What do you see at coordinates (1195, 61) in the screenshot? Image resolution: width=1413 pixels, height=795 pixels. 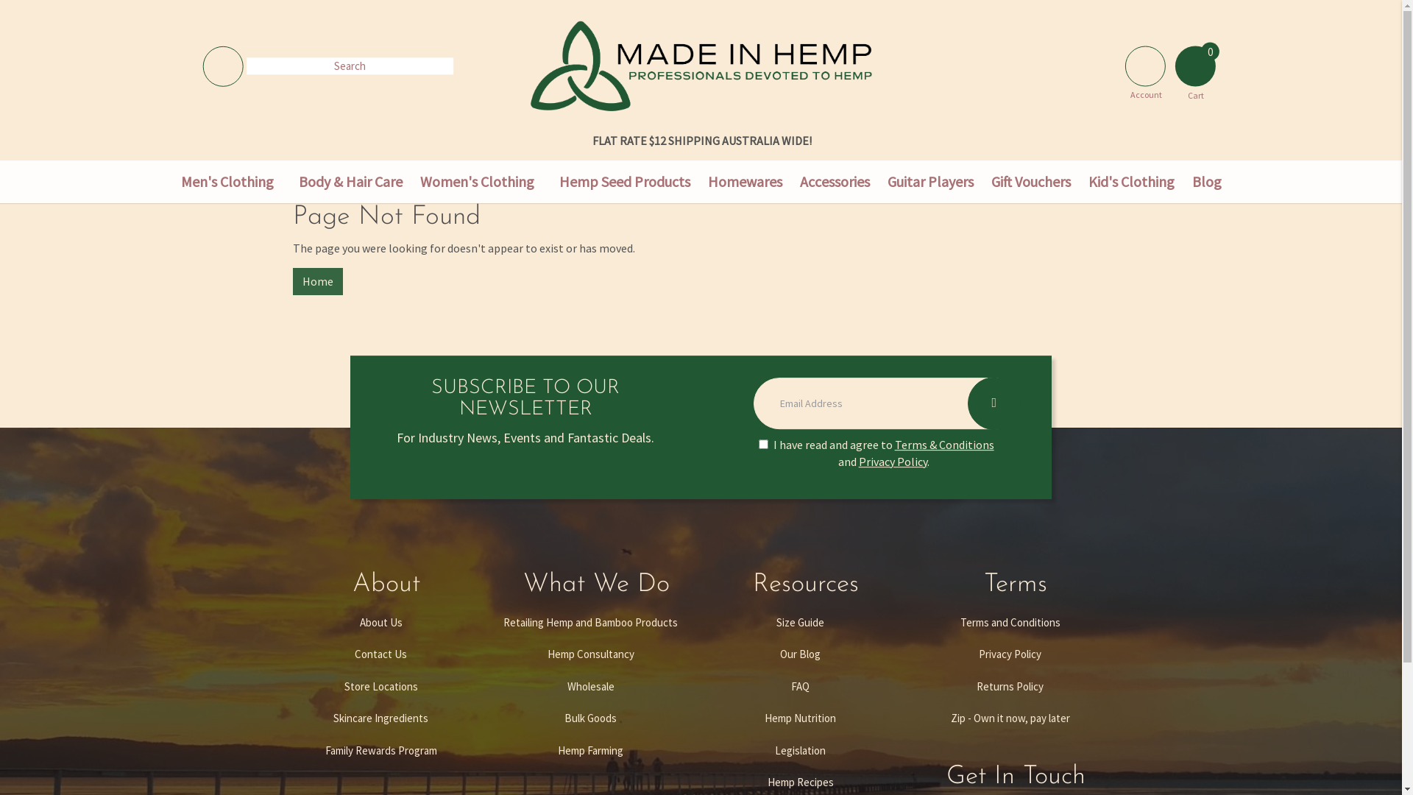 I see `'0` at bounding box center [1195, 61].